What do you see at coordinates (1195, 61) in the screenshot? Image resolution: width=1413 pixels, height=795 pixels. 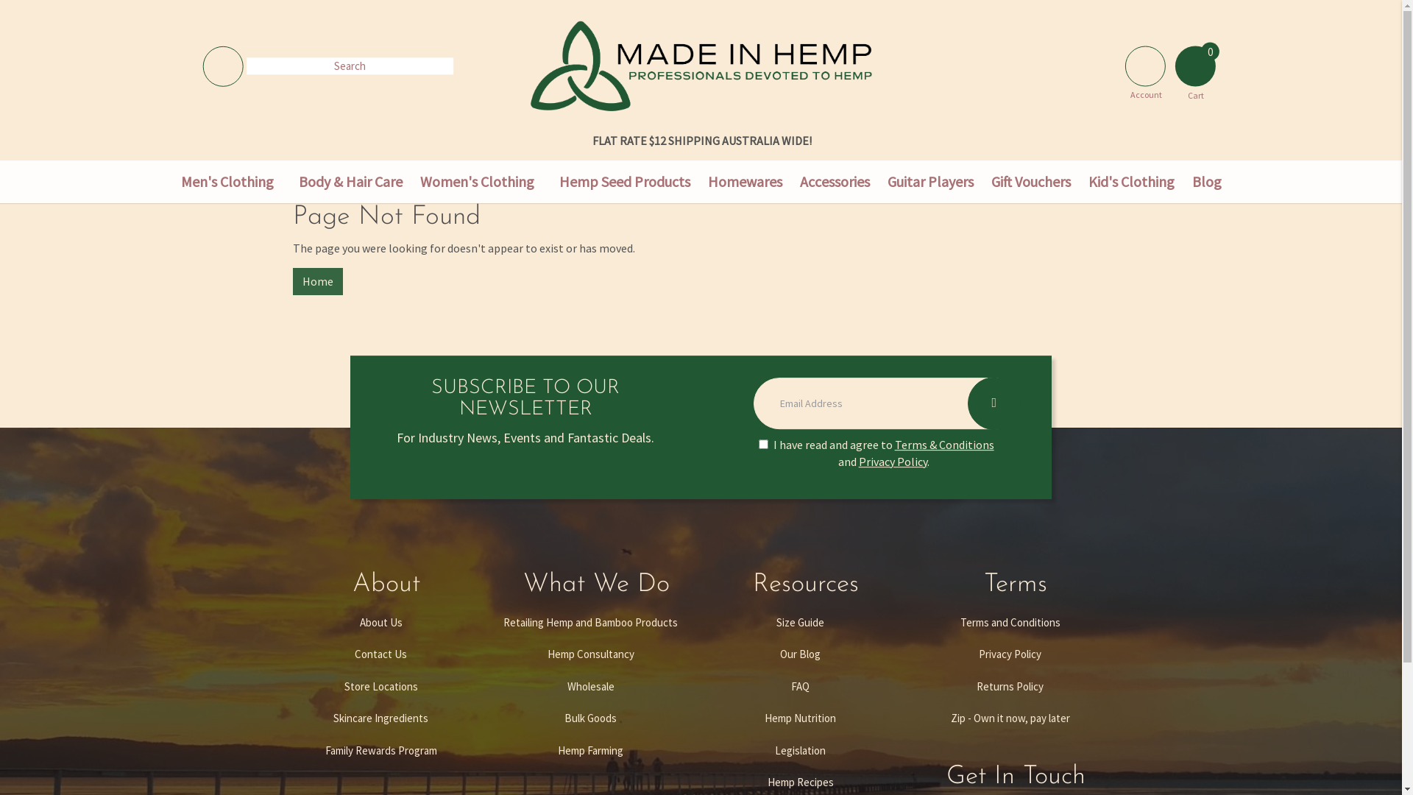 I see `'0` at bounding box center [1195, 61].